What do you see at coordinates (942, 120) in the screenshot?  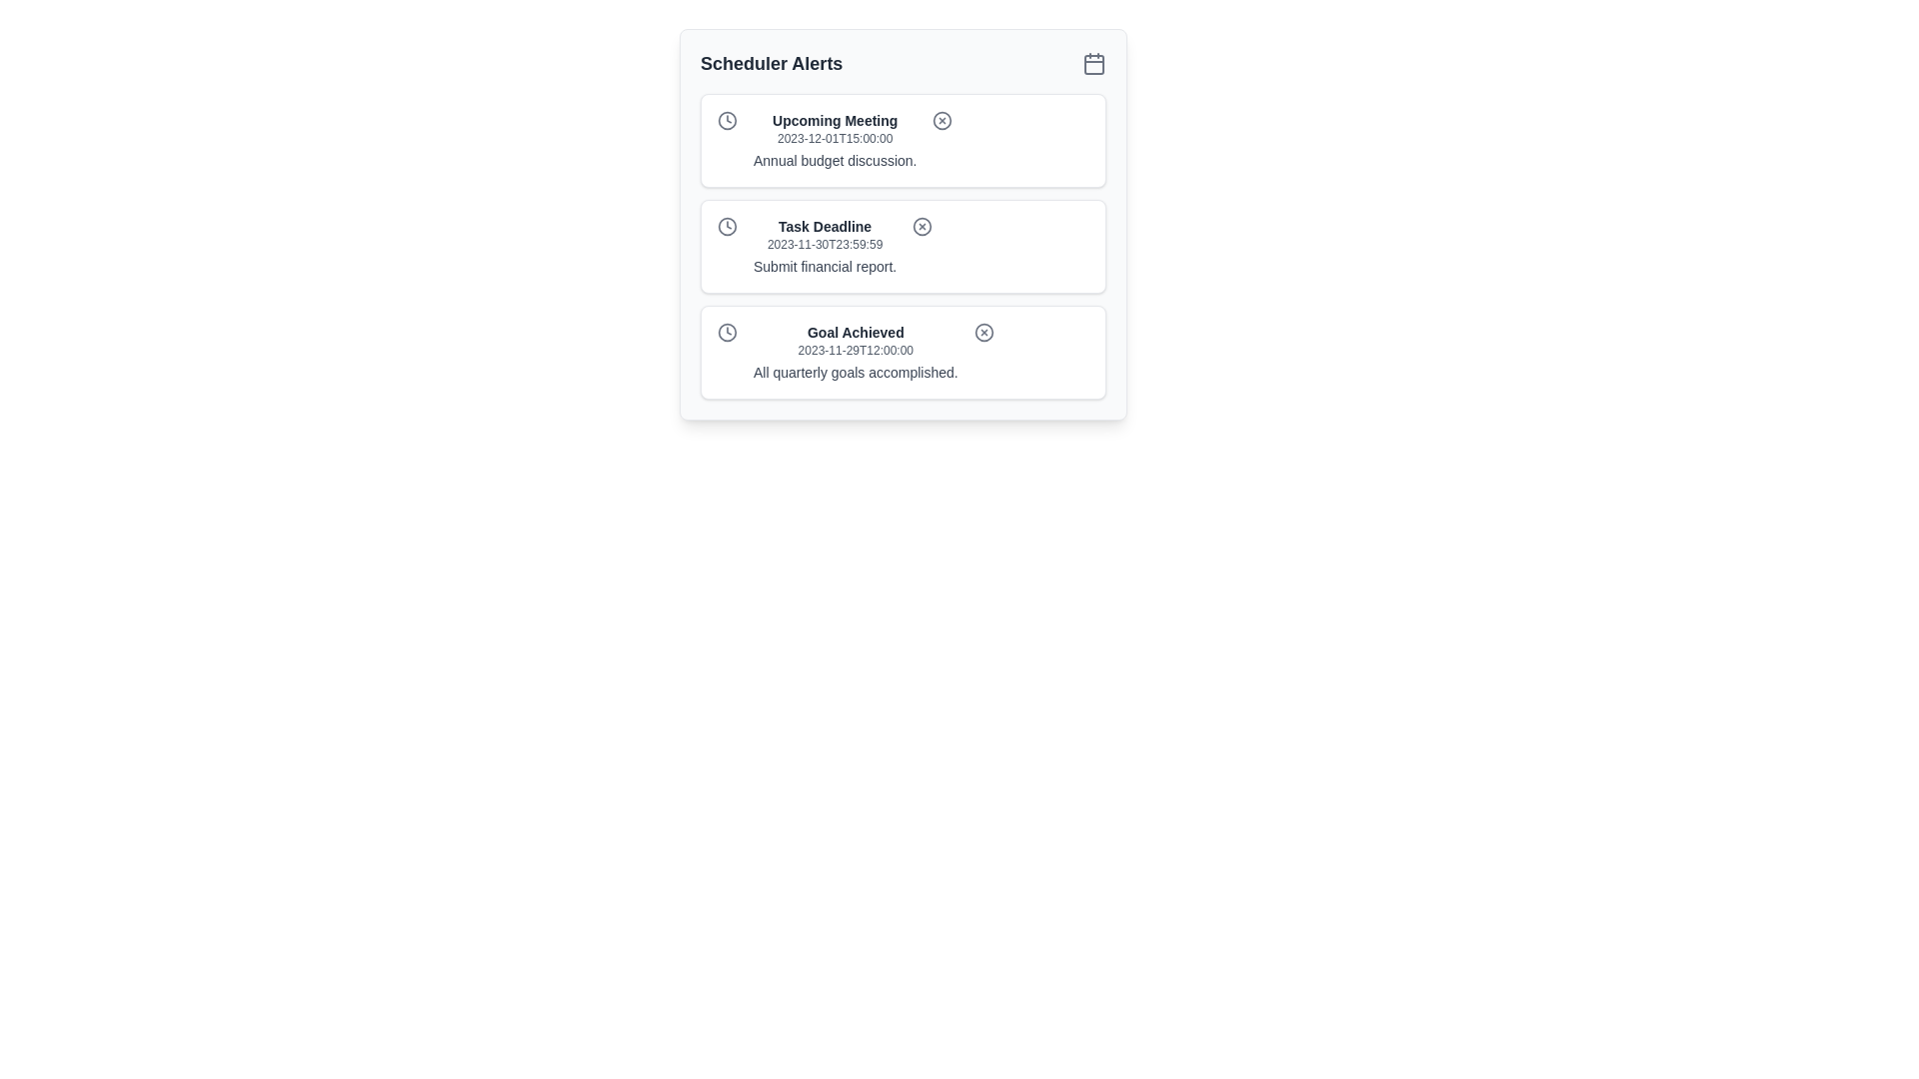 I see `the decorative Circle SVG Graphic that indicates a delete or close action, positioned next to the text 'Upcoming Meeting' in the first row of a vertically aligned list within a card component` at bounding box center [942, 120].